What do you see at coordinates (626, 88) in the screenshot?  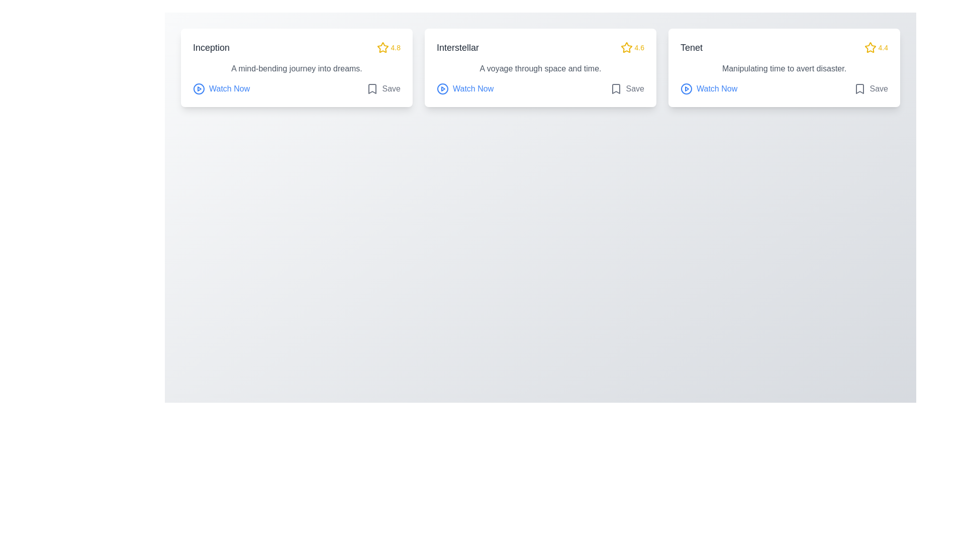 I see `the 'Save' button with a bookmark icon located in the bottom-right corner of the second card` at bounding box center [626, 88].